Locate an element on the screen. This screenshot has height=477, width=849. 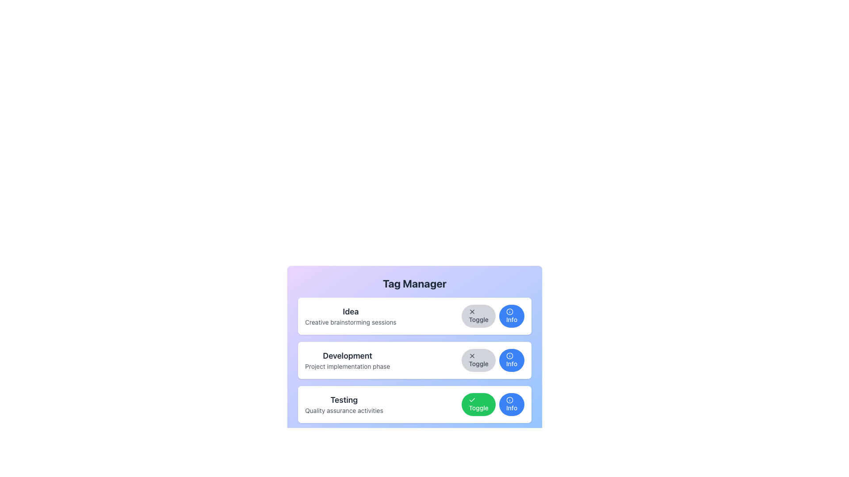
the Icon Button located on the rightmost side of the 'Testing' section is located at coordinates (509, 400).